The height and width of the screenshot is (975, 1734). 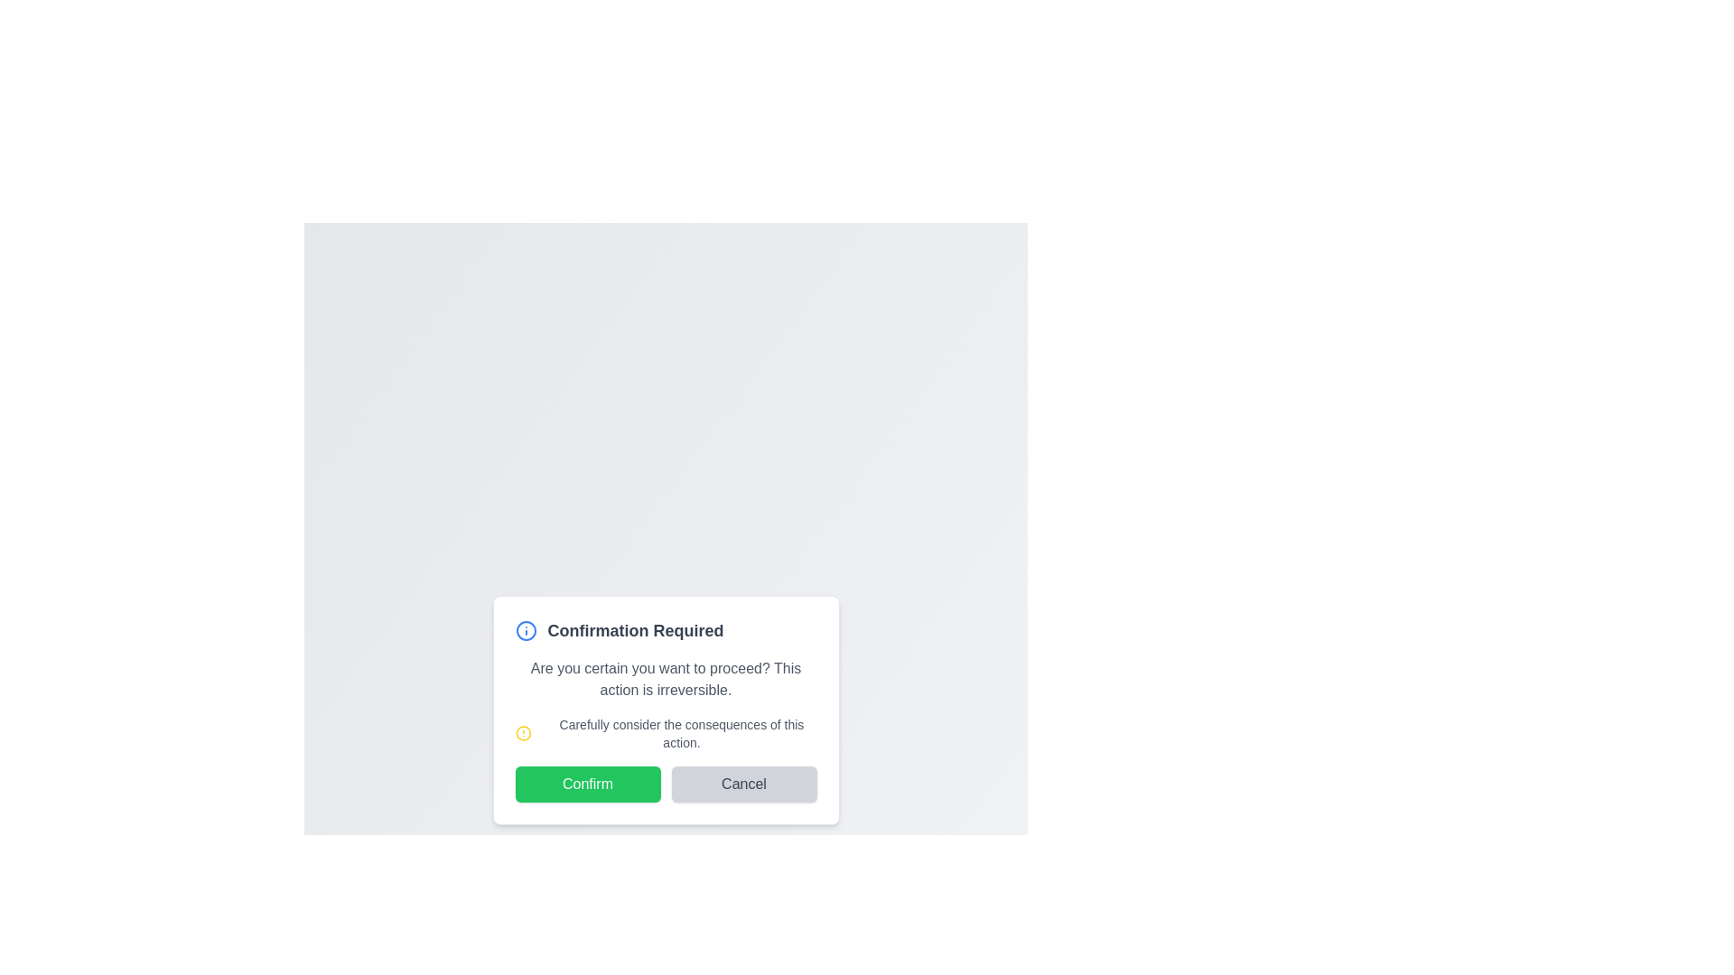 I want to click on the confirmation button located near the bottom of the modal, positioned to the left of the 'Cancel' button, to confirm the action, so click(x=588, y=783).